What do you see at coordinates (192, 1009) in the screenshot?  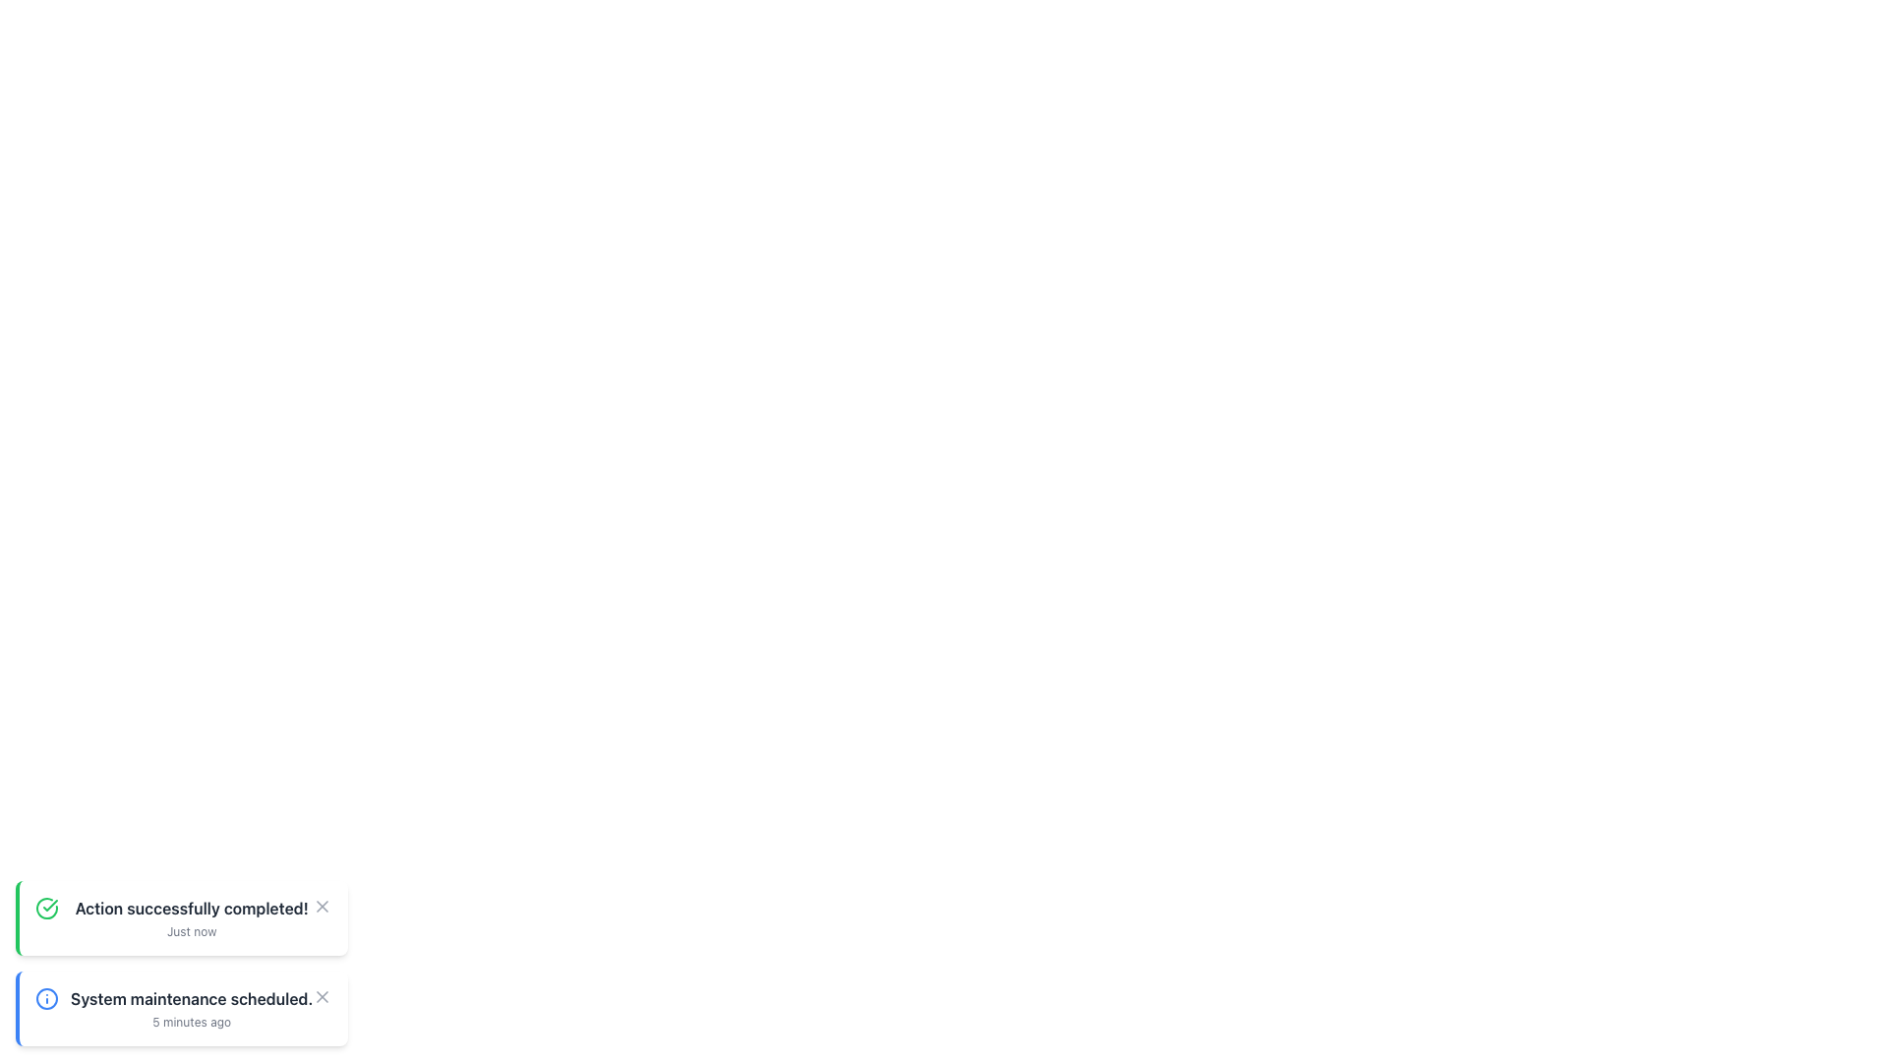 I see `the category or purpose of the notification message titled 'System maintenance scheduled.' displayed prominently` at bounding box center [192, 1009].